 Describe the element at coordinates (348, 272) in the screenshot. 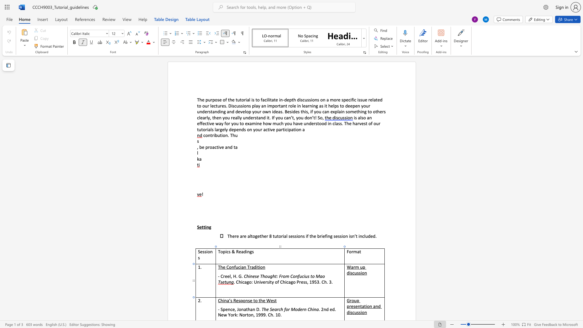

I see `the 1th character "d" in the text` at that location.